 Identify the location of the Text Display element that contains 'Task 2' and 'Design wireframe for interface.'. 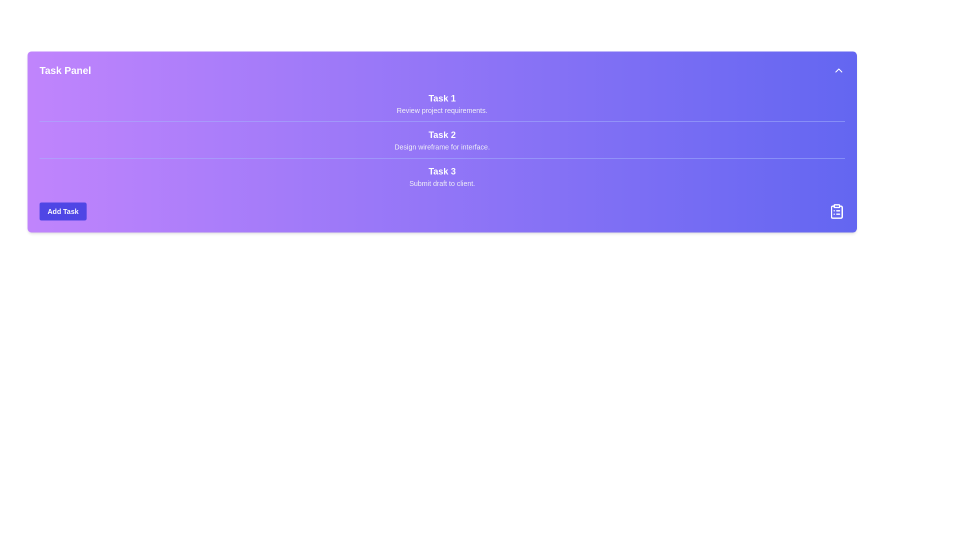
(441, 139).